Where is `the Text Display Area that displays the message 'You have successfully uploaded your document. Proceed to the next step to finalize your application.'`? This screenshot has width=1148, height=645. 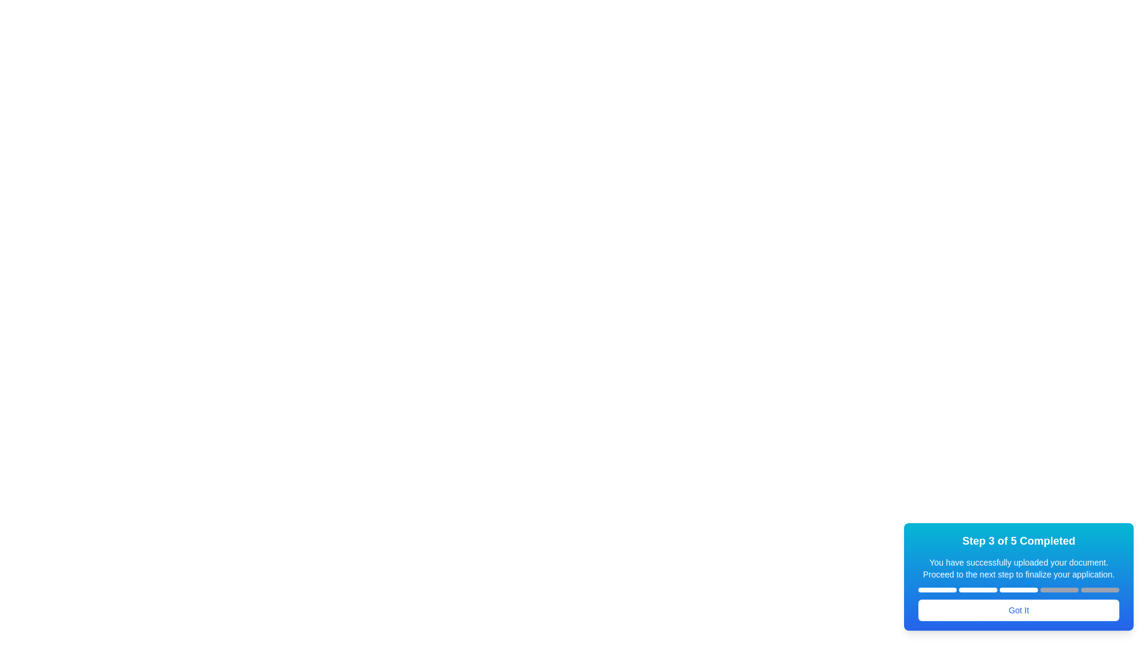
the Text Display Area that displays the message 'You have successfully uploaded your document. Proceed to the next step to finalize your application.' is located at coordinates (1018, 568).